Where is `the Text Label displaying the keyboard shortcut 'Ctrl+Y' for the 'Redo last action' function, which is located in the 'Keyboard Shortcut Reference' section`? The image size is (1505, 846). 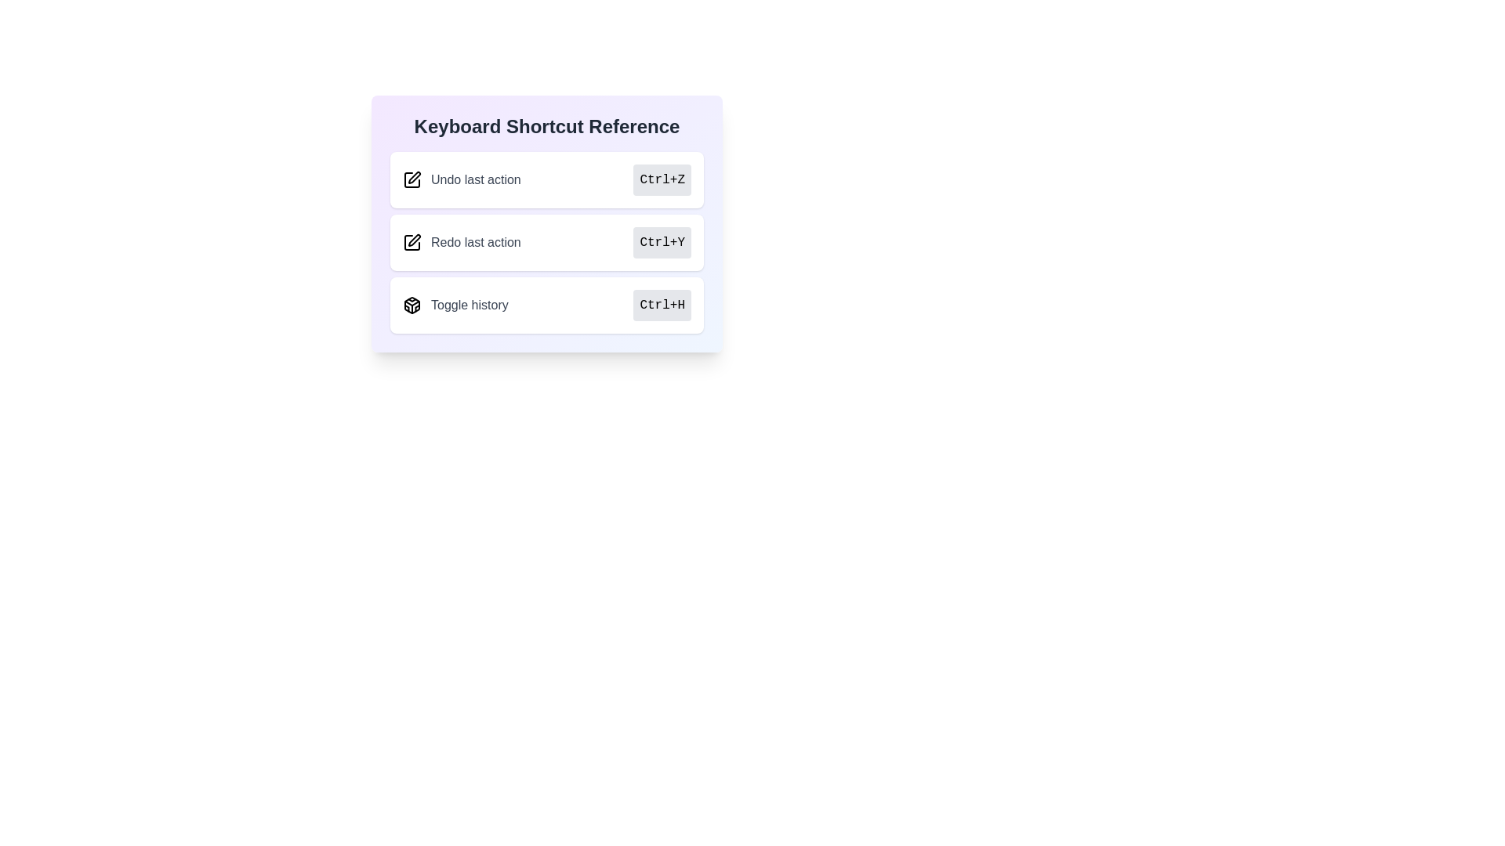
the Text Label displaying the keyboard shortcut 'Ctrl+Y' for the 'Redo last action' function, which is located in the 'Keyboard Shortcut Reference' section is located at coordinates (662, 242).